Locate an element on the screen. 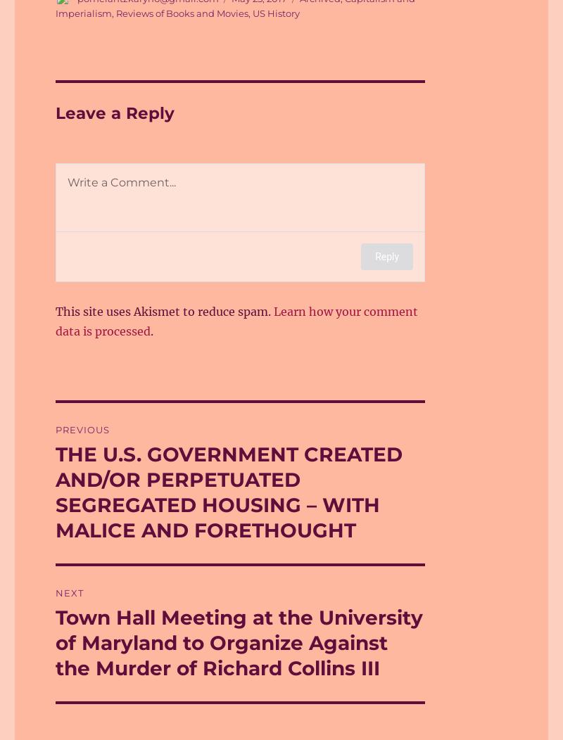  'Town Hall Meeting at the University of Maryland to Organize Against the Murder of Richard Collins III' is located at coordinates (239, 642).